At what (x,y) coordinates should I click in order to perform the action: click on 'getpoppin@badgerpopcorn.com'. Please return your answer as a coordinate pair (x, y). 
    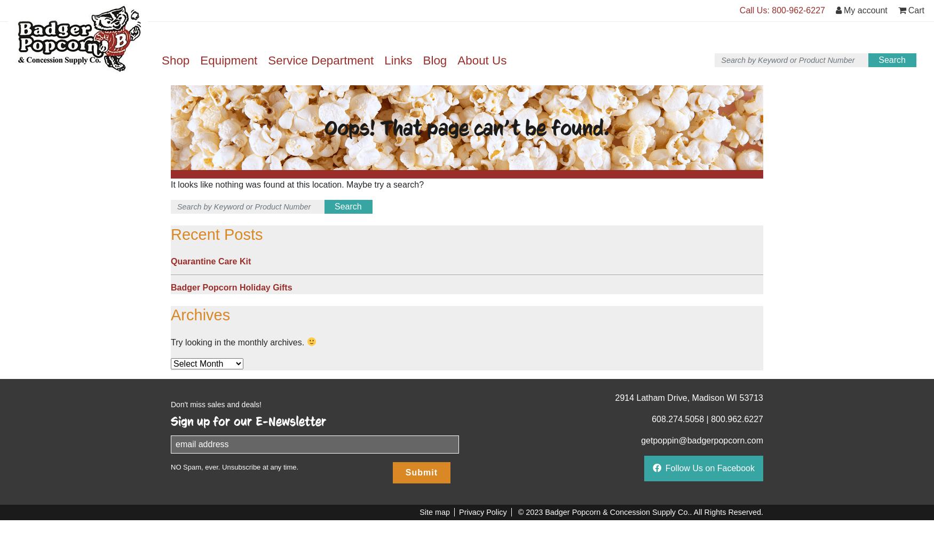
    Looking at the image, I should click on (702, 439).